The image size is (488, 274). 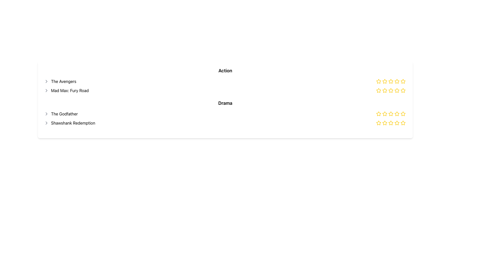 I want to click on the third star icon from the left in the first row of star ratings to register a rating, so click(x=385, y=81).